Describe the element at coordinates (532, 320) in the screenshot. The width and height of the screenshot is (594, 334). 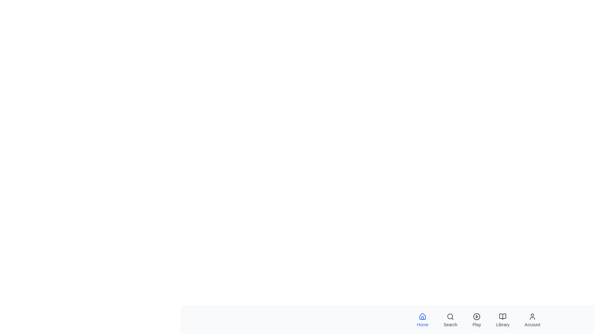
I see `the Account tab in the bottom navigation bar` at that location.